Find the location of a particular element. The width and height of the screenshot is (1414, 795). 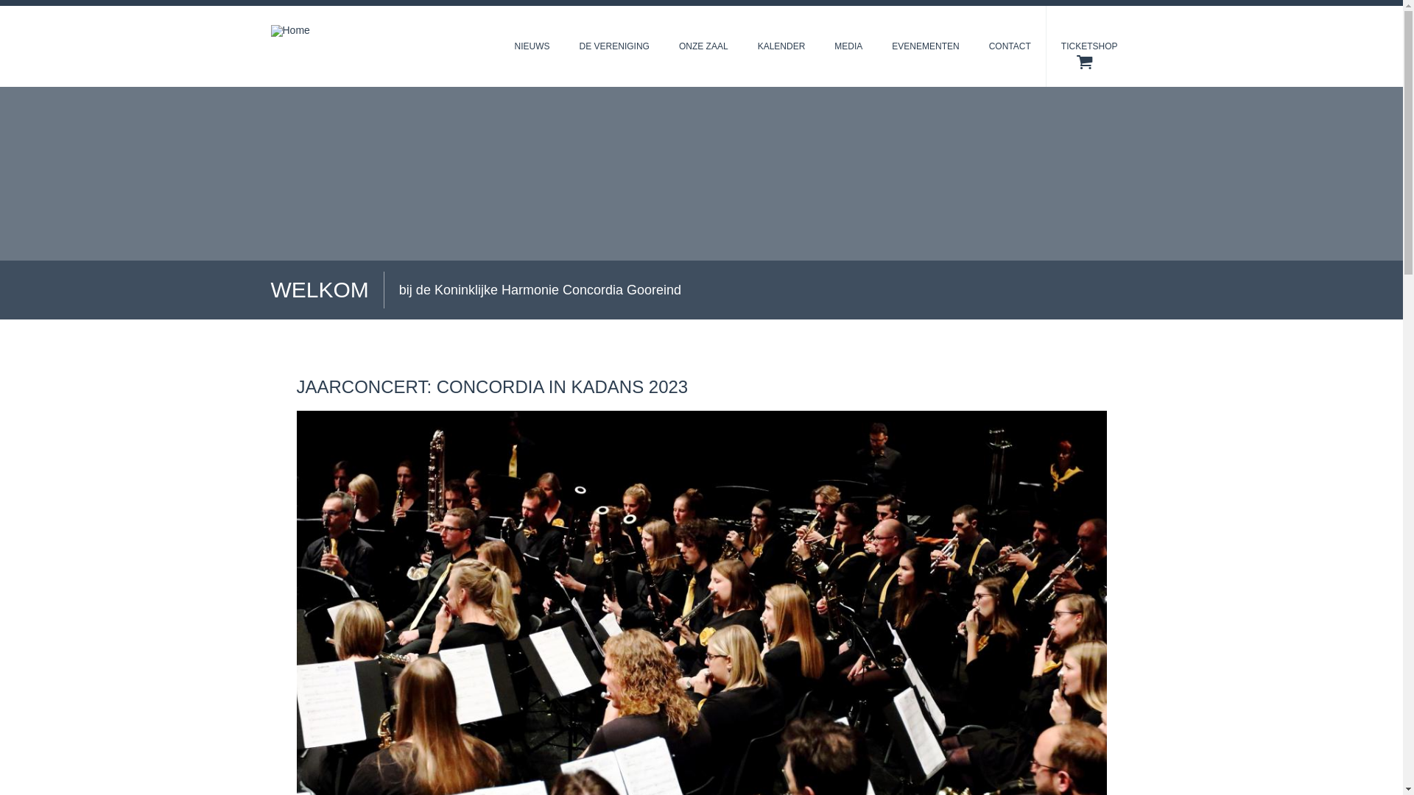

'DE VERENIGING' is located at coordinates (564, 45).